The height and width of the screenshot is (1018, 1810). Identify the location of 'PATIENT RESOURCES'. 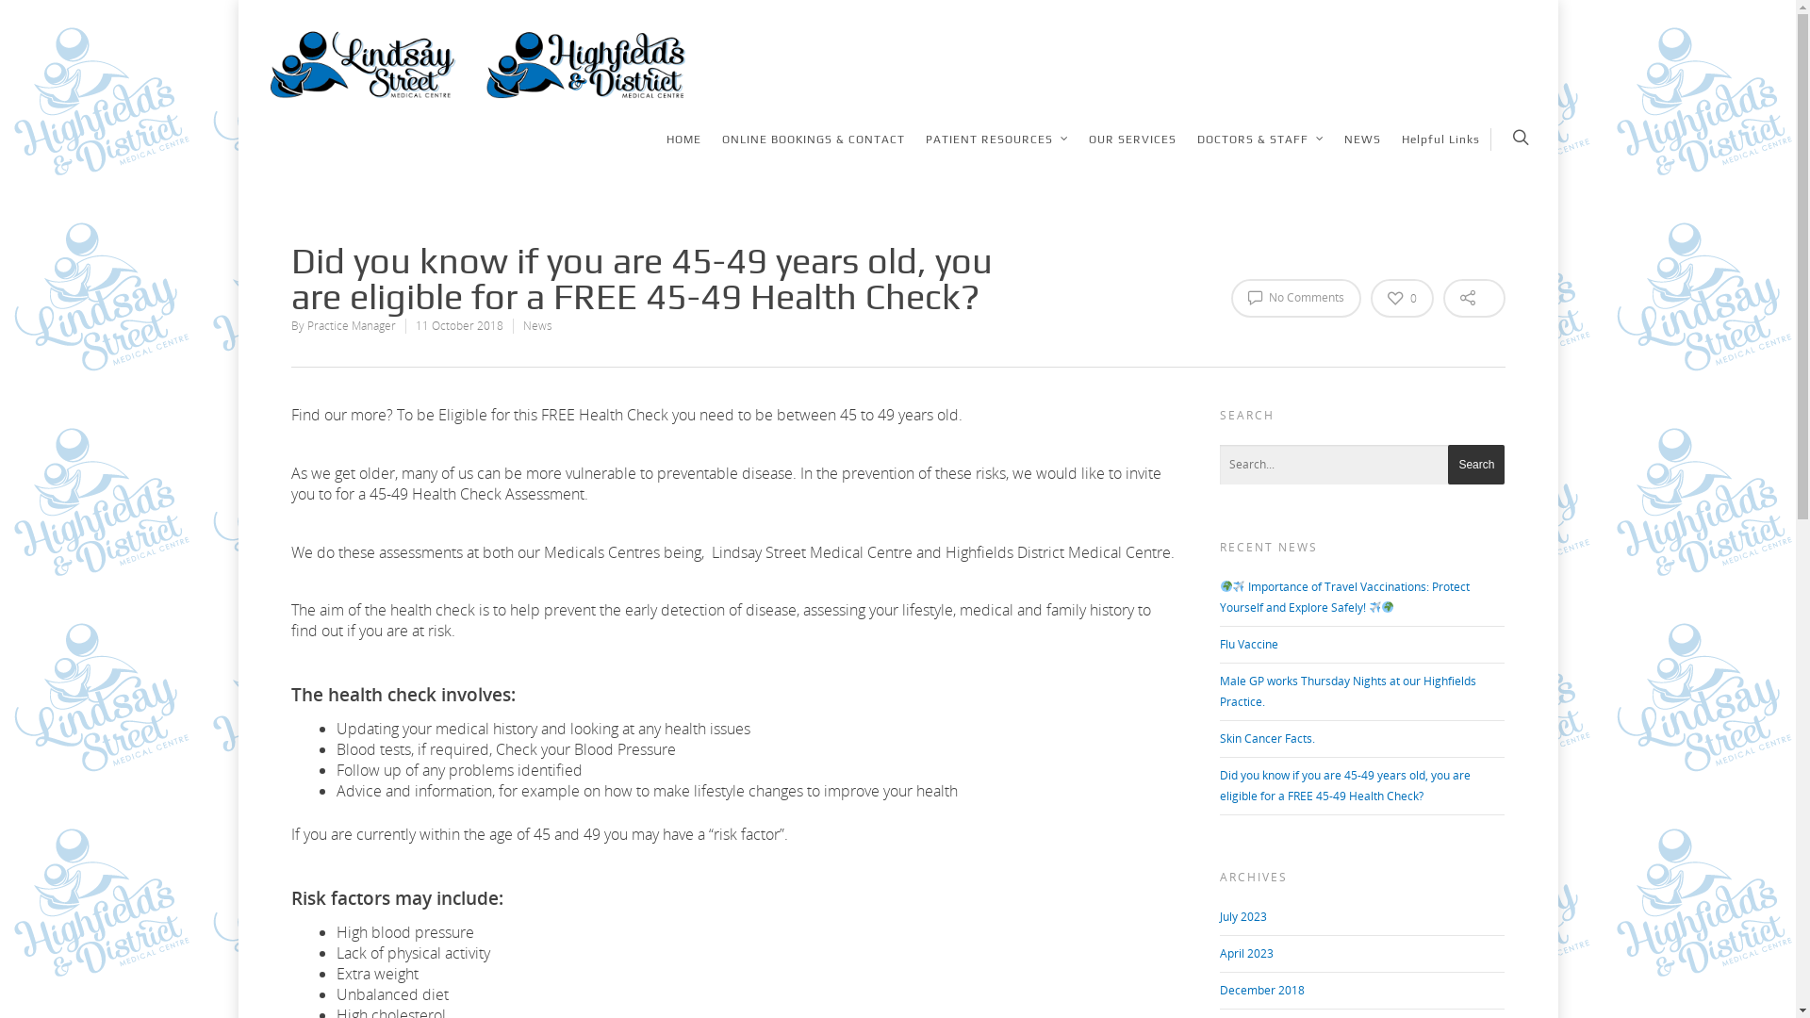
(995, 152).